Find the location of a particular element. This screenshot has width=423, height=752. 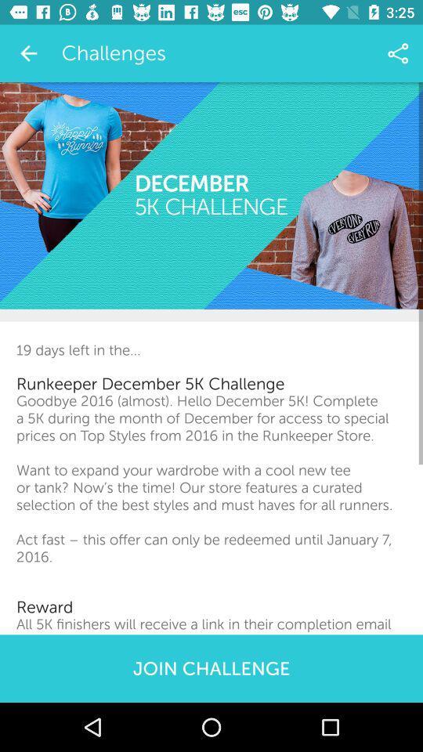

join challenge is located at coordinates (211, 667).